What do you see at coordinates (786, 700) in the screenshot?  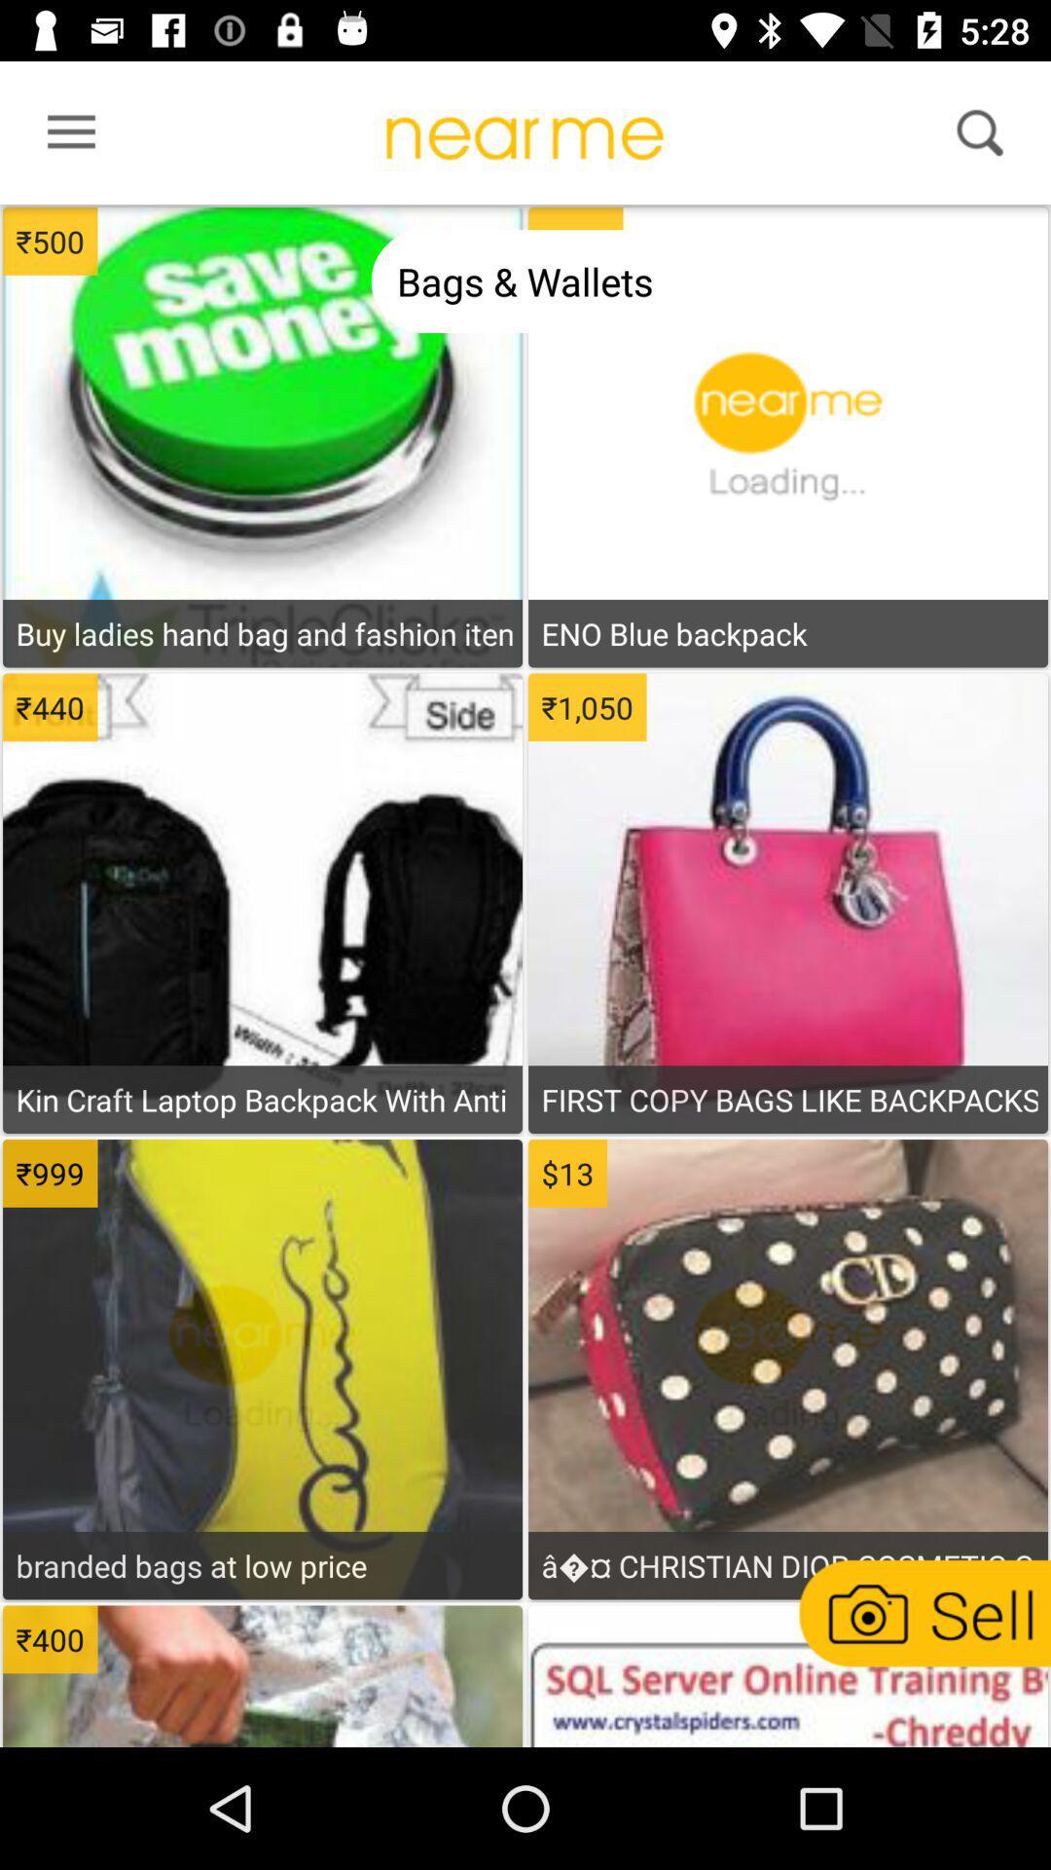 I see `see item` at bounding box center [786, 700].